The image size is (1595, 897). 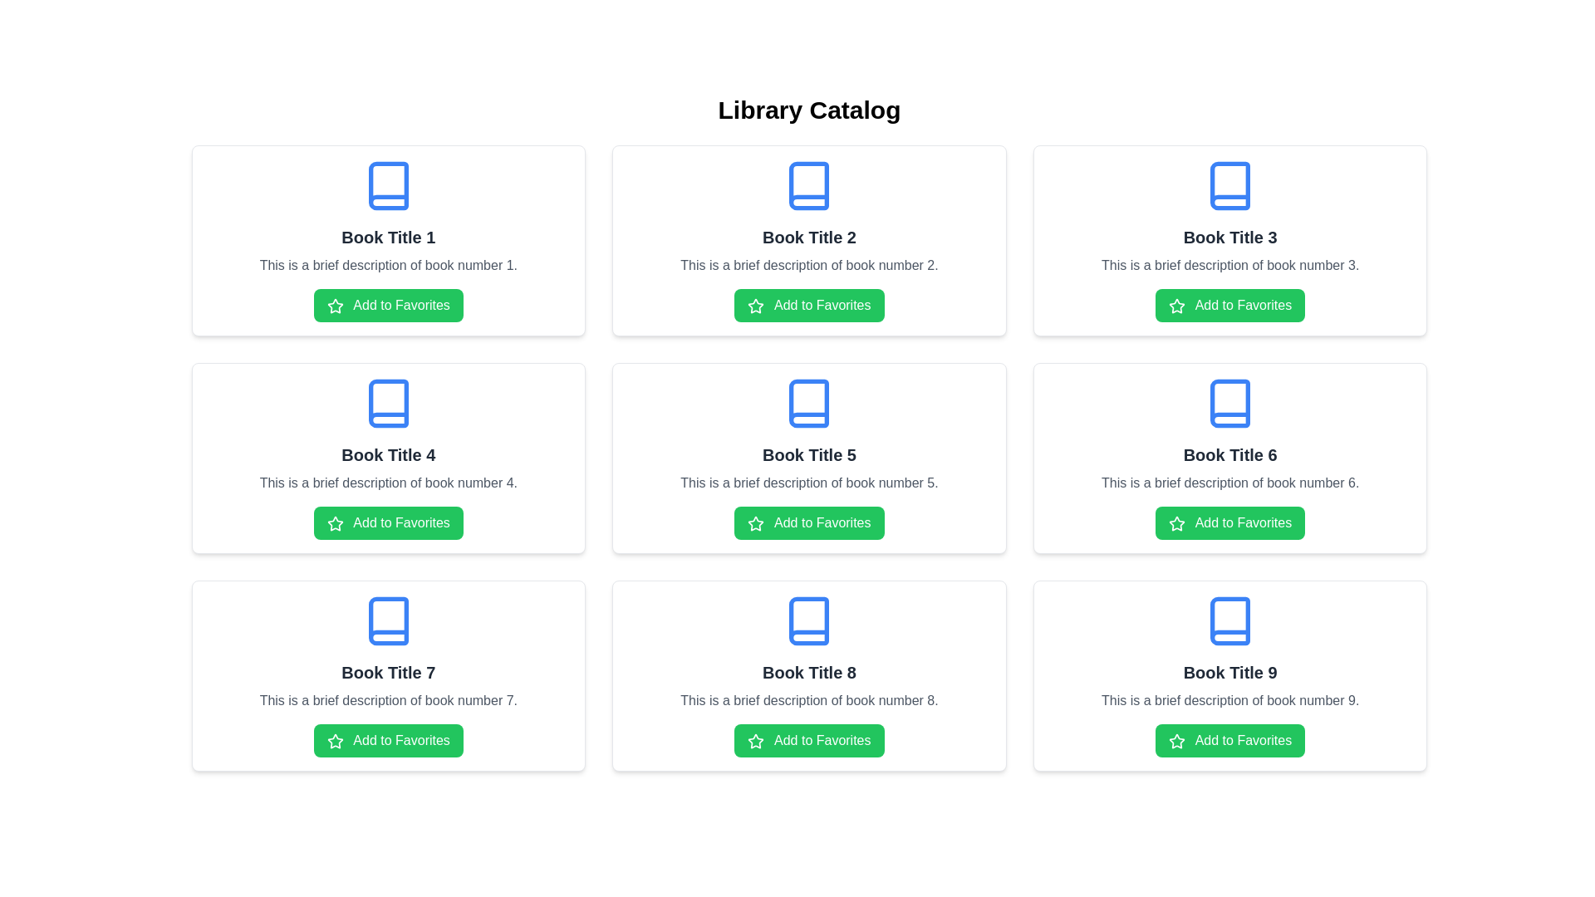 I want to click on the text element that provides a summary of 'Book Title 4', located in the second row, middle column of a three-by-three grid of cards, positioned below the title and above the 'Add to Favorites' button, so click(x=387, y=483).